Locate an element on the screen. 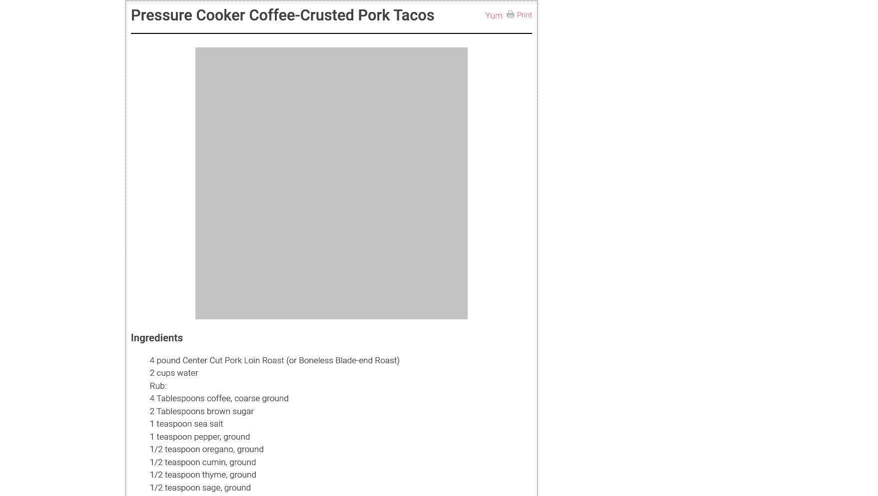  '1 teaspoon sea salt' is located at coordinates (186, 423).